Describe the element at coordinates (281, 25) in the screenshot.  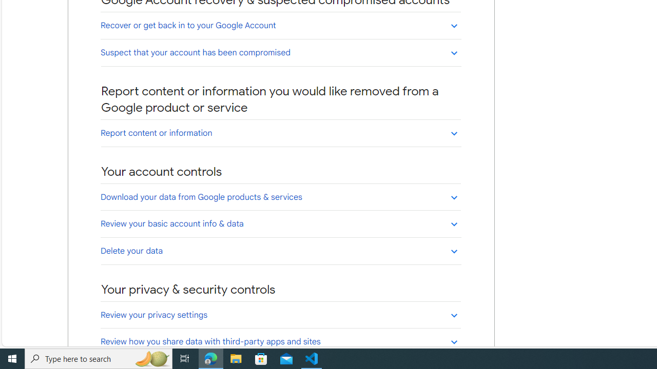
I see `'Recover or get back in to your Google Account'` at that location.